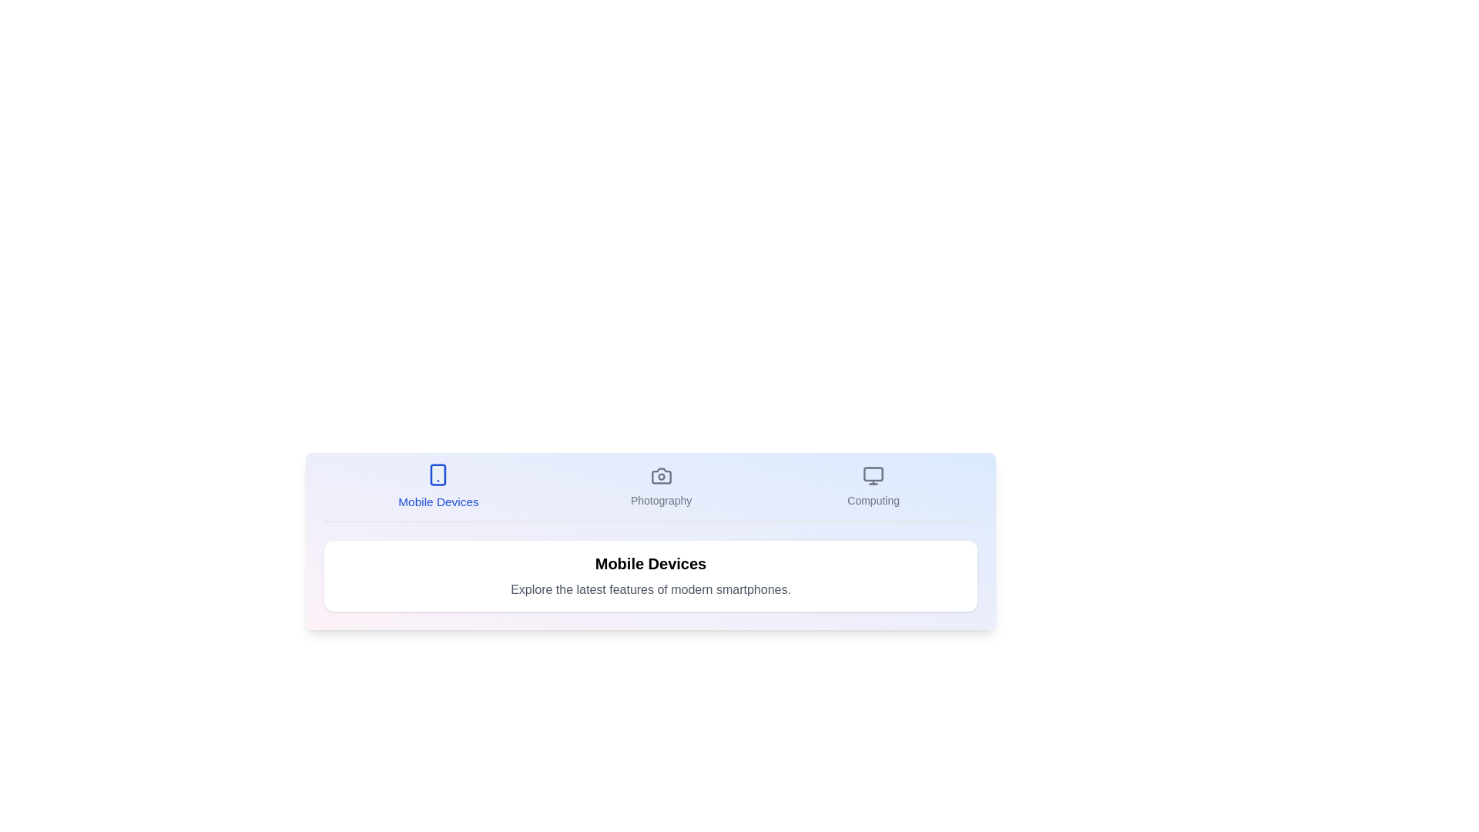 This screenshot has height=832, width=1479. What do you see at coordinates (873, 487) in the screenshot?
I see `the tab labeled 'Computing' to inspect its associated icon` at bounding box center [873, 487].